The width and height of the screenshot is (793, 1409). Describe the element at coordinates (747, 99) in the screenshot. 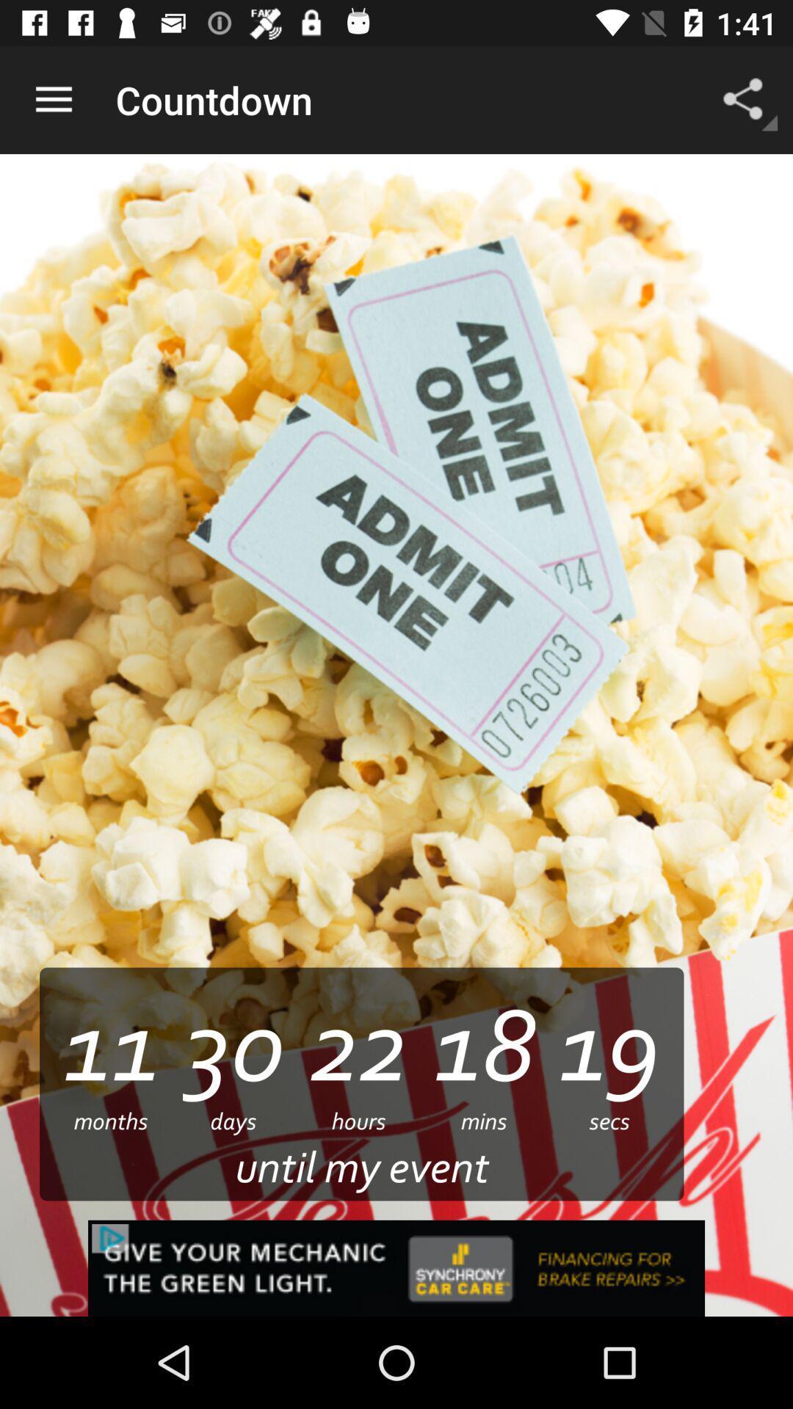

I see `app to the right of the countdown item` at that location.